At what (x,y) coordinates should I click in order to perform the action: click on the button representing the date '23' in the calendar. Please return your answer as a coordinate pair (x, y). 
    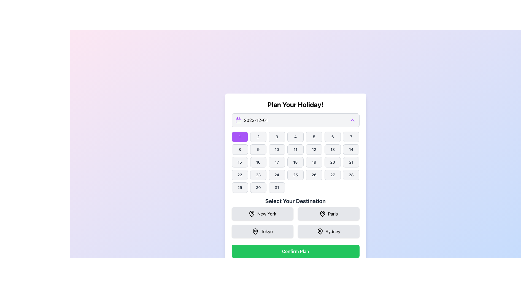
    Looking at the image, I should click on (258, 175).